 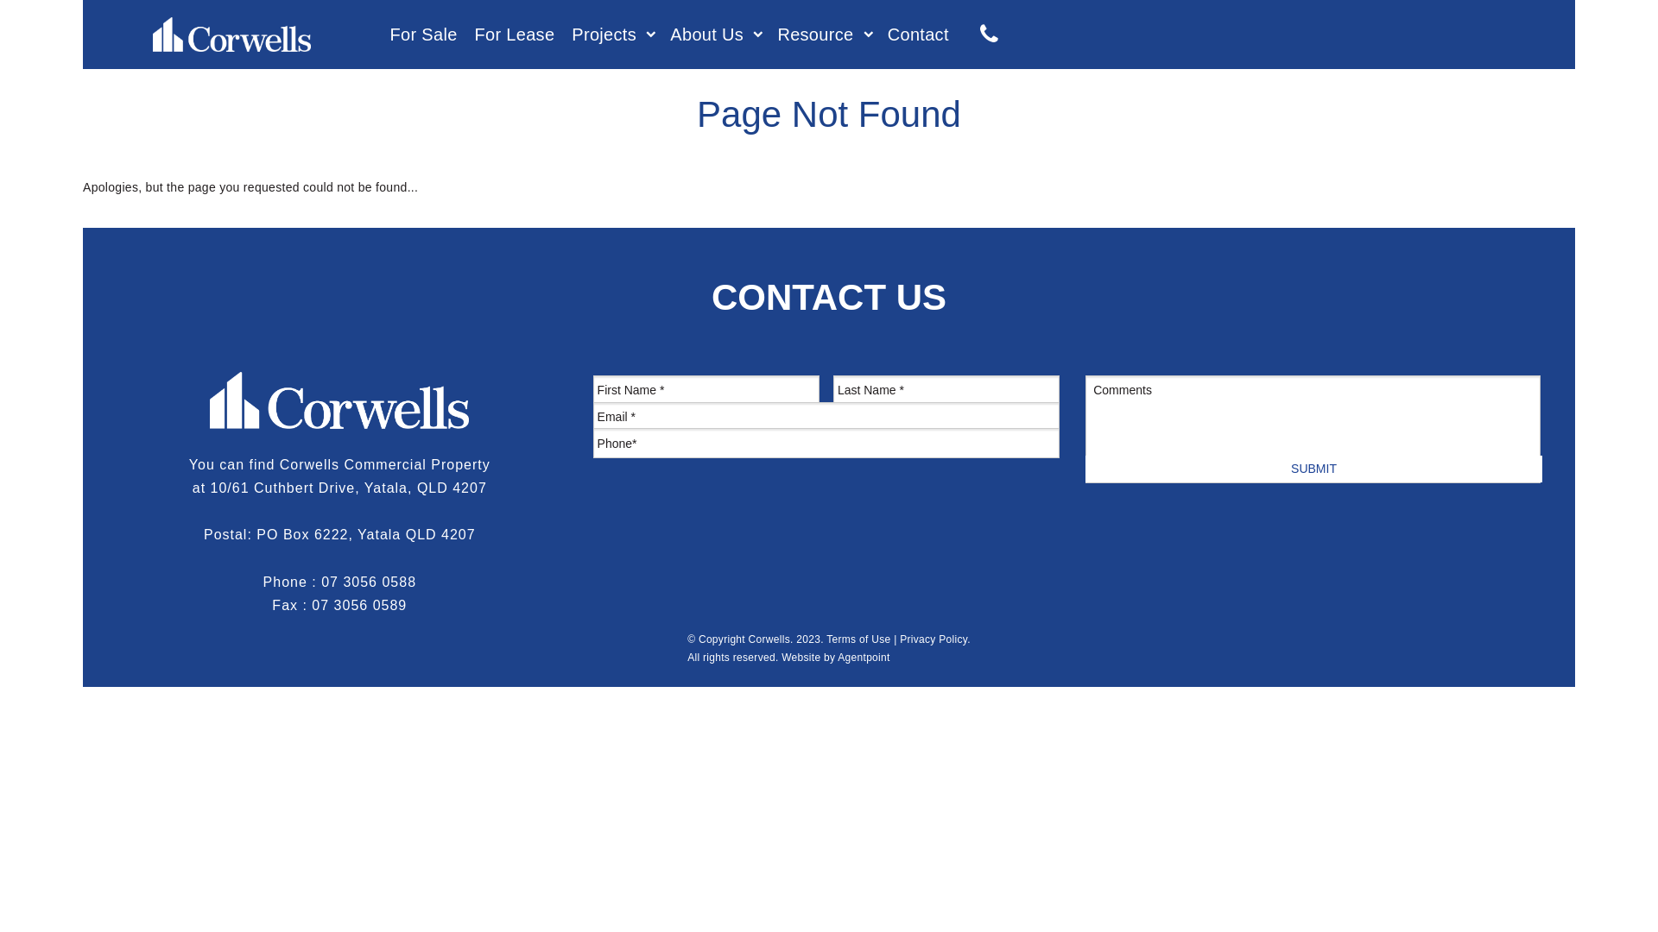 I want to click on '07 3056 0588', so click(x=321, y=582).